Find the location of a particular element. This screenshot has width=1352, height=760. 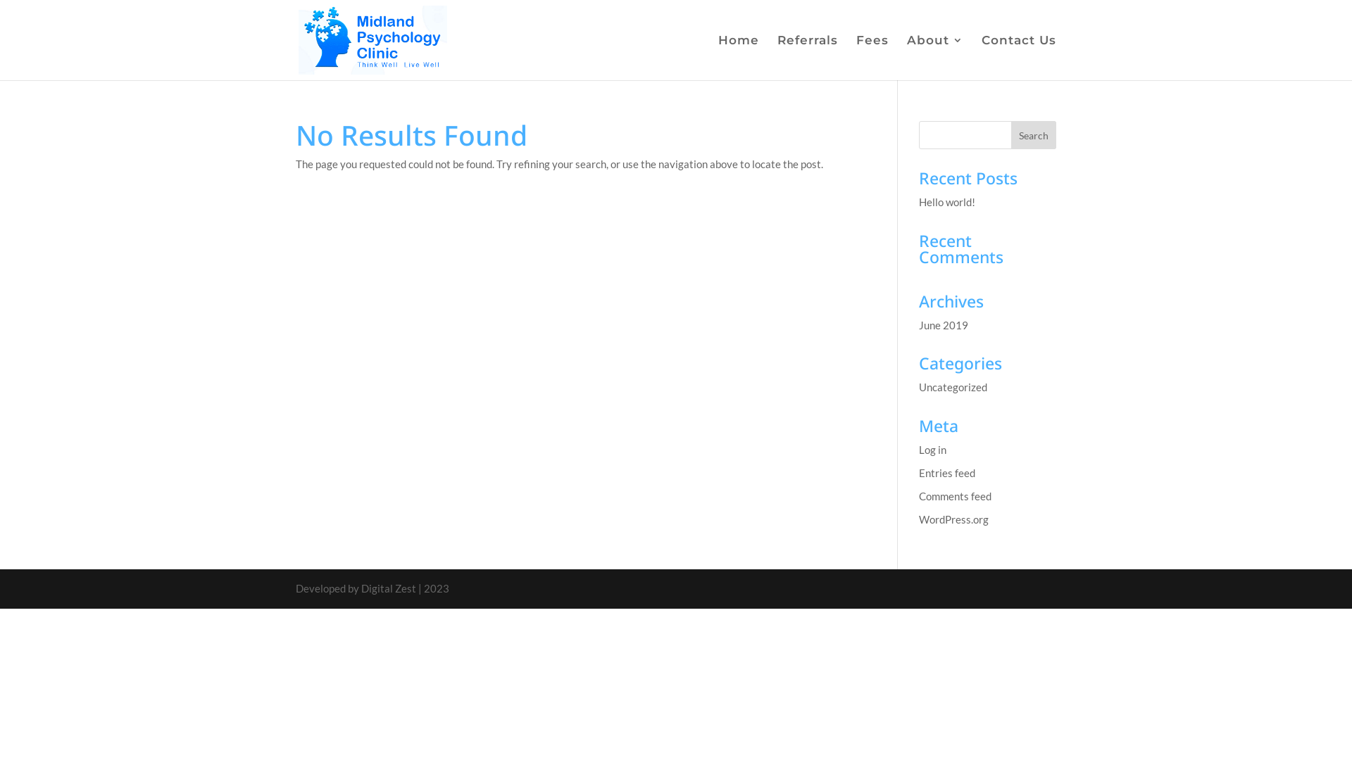

'Search' is located at coordinates (1034, 135).